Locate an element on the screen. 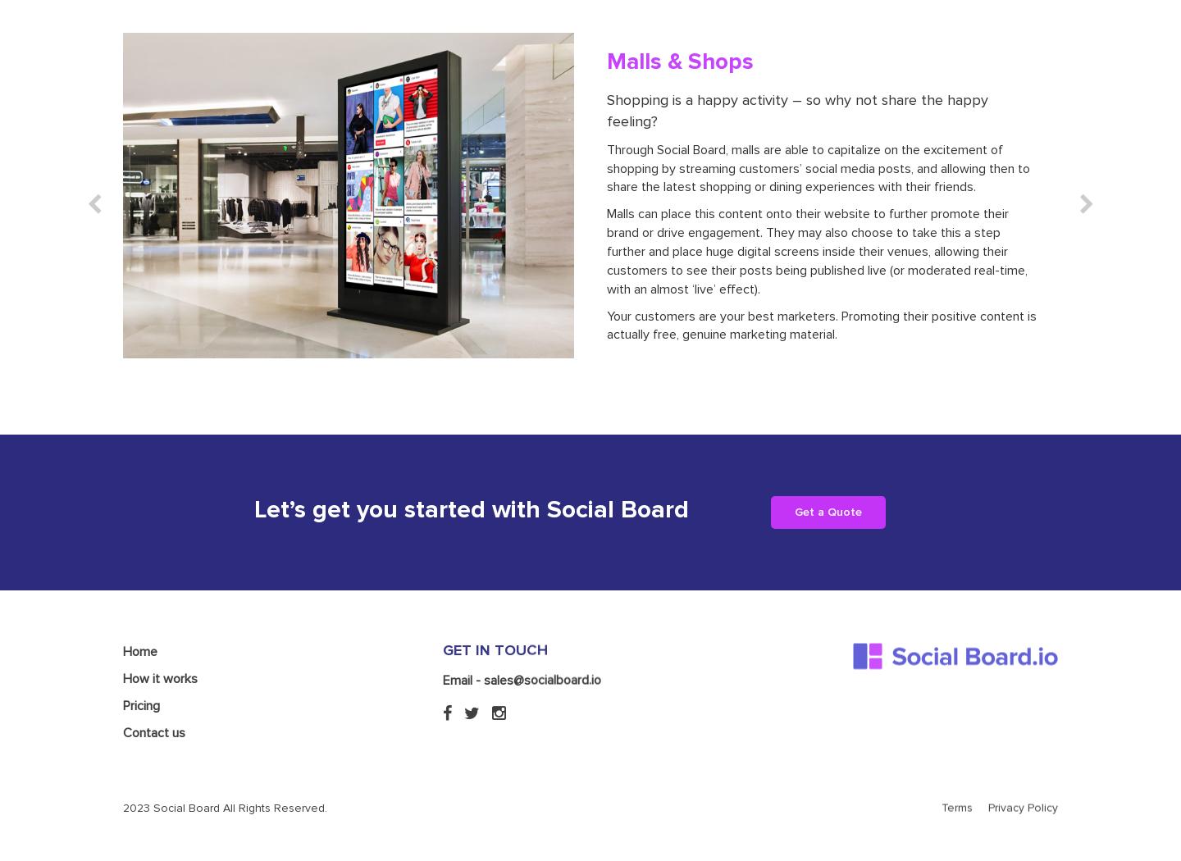 This screenshot has height=861, width=1181. '2023 Social Board All Rights Reserved.' is located at coordinates (224, 729).